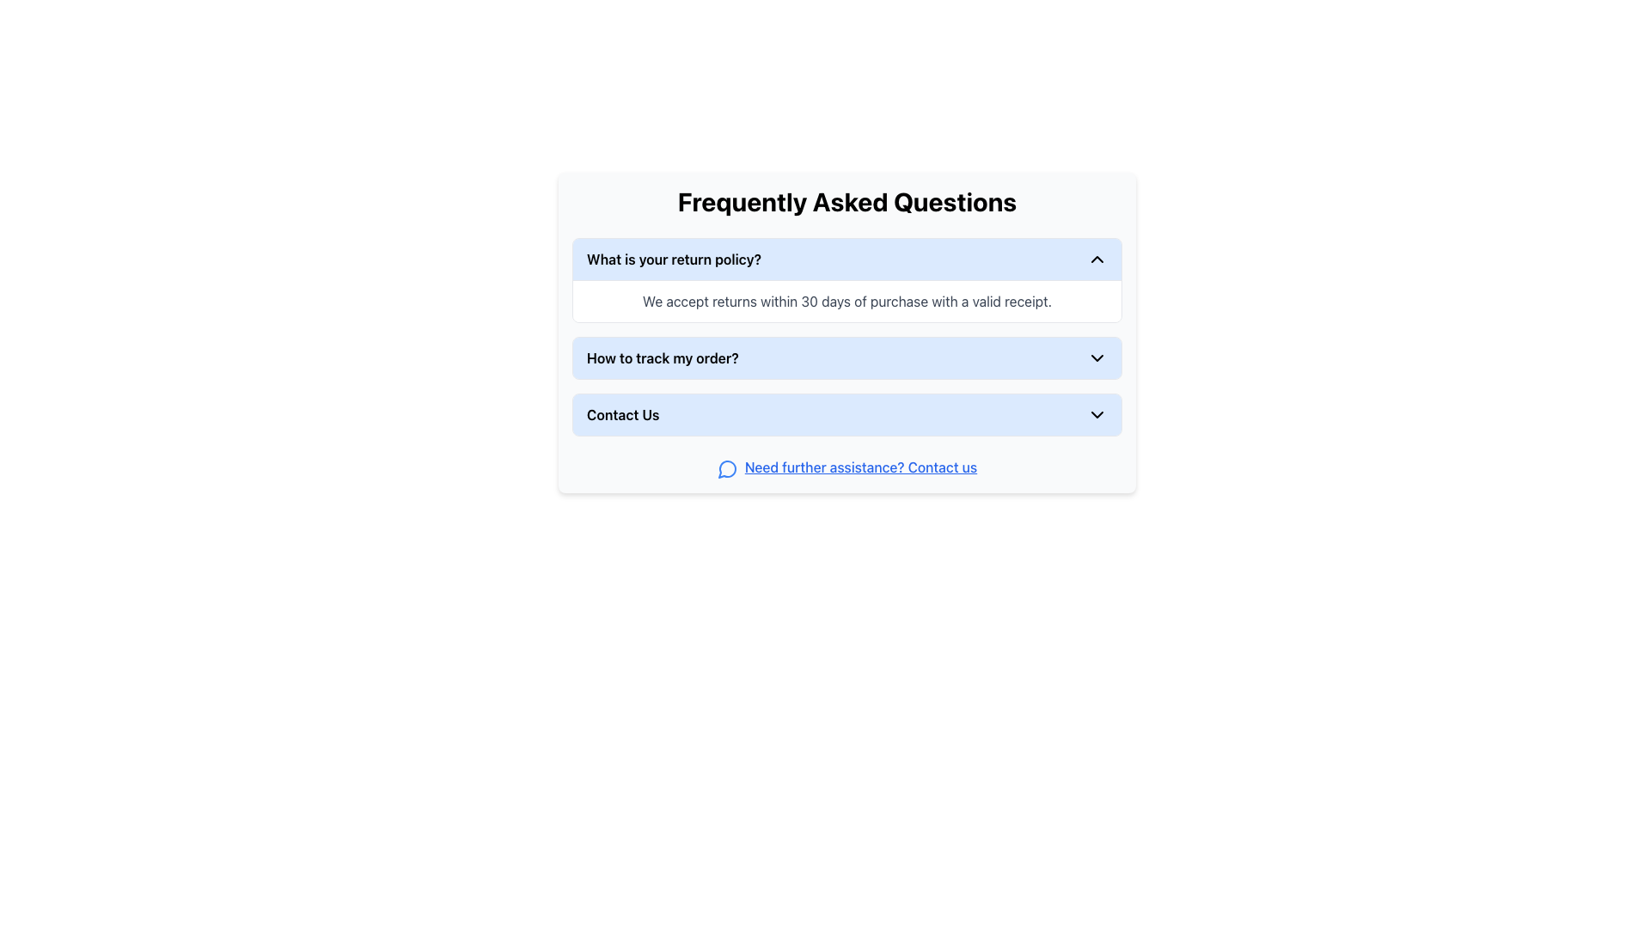  I want to click on the accessible hyperlink text with icon located at the bottom of the 'Frequently Asked Questions' section to enable navigation for users, so click(846, 467).